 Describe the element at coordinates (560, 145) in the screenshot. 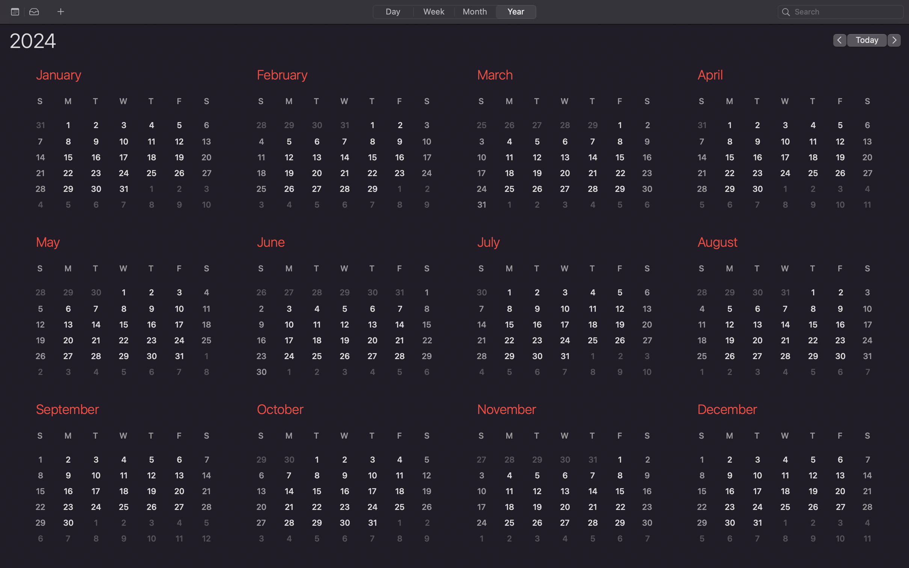

I see `on the March calendar to zoom in` at that location.